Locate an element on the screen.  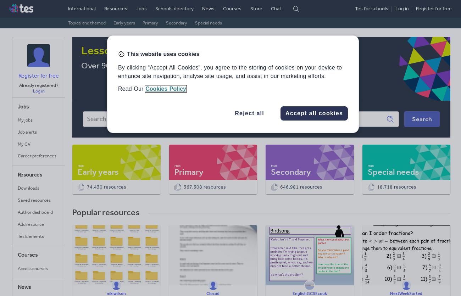
'Log in' is located at coordinates (38, 90).